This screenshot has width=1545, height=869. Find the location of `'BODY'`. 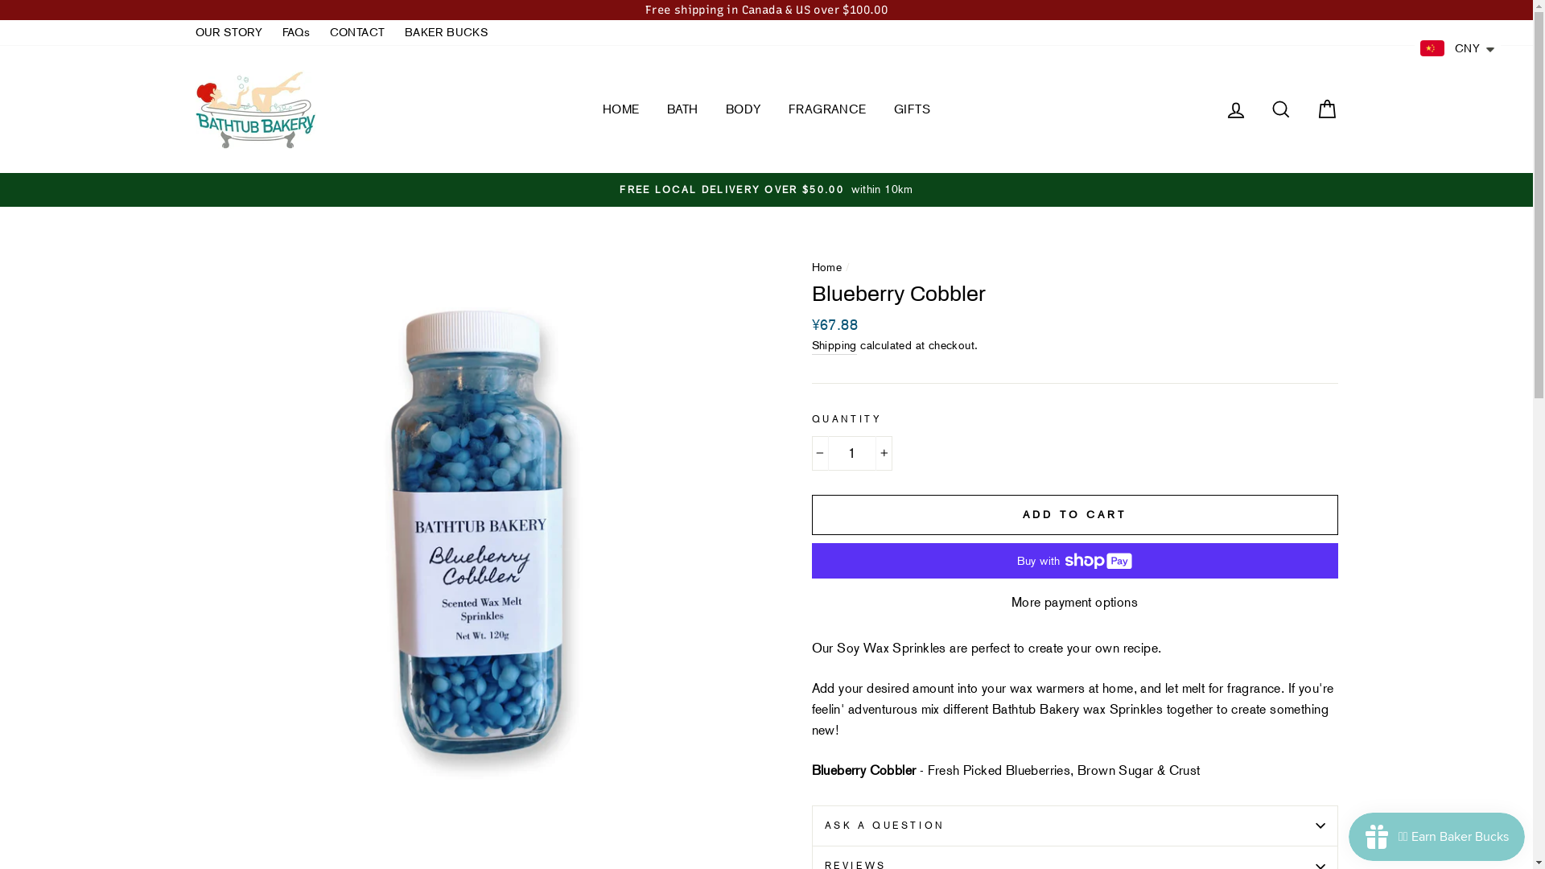

'BODY' is located at coordinates (742, 109).